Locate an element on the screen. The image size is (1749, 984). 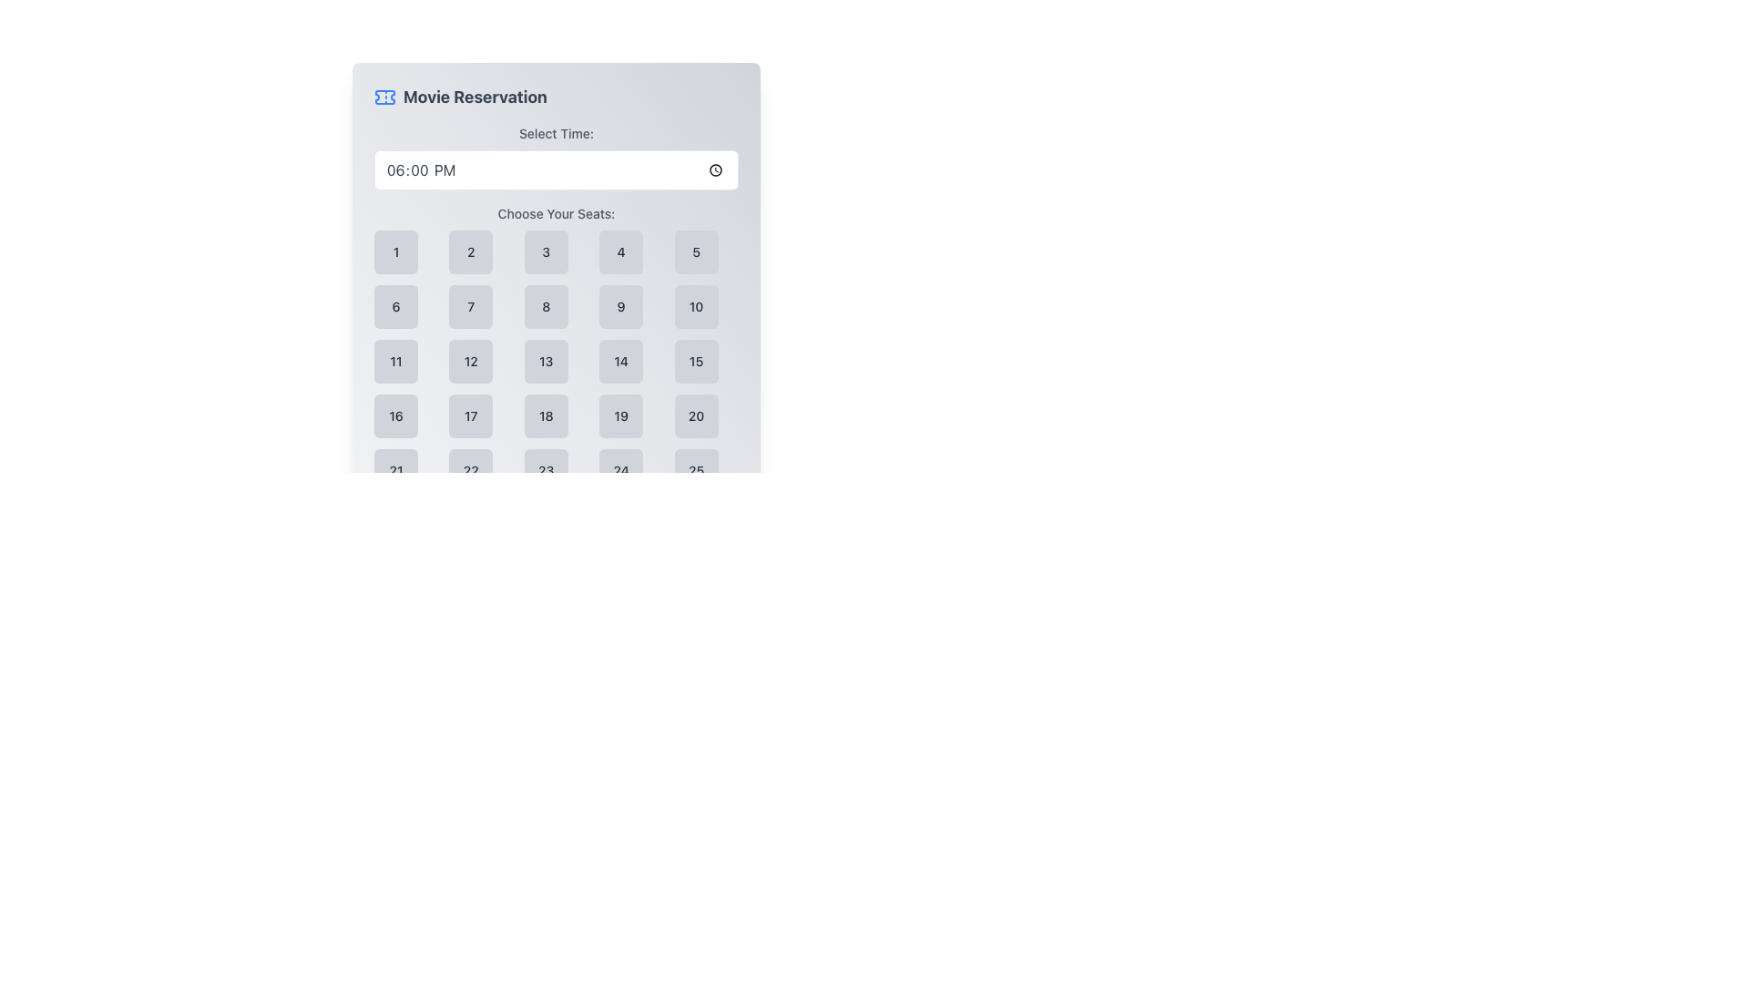
the seat selection button numbered '14' located in the third row, fourth column of the grid is located at coordinates (621, 362).